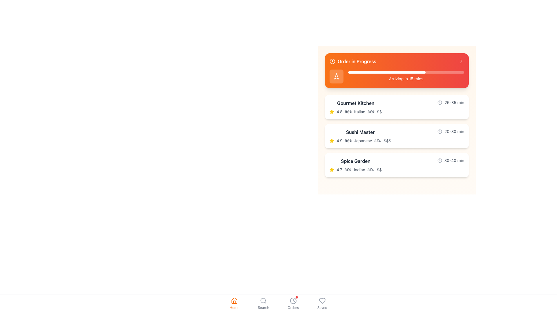 The image size is (557, 313). I want to click on the numeric text label '4.8' which is styled in gray and located next to a yellow star icon, representing a rating in the first item of the list, so click(339, 112).